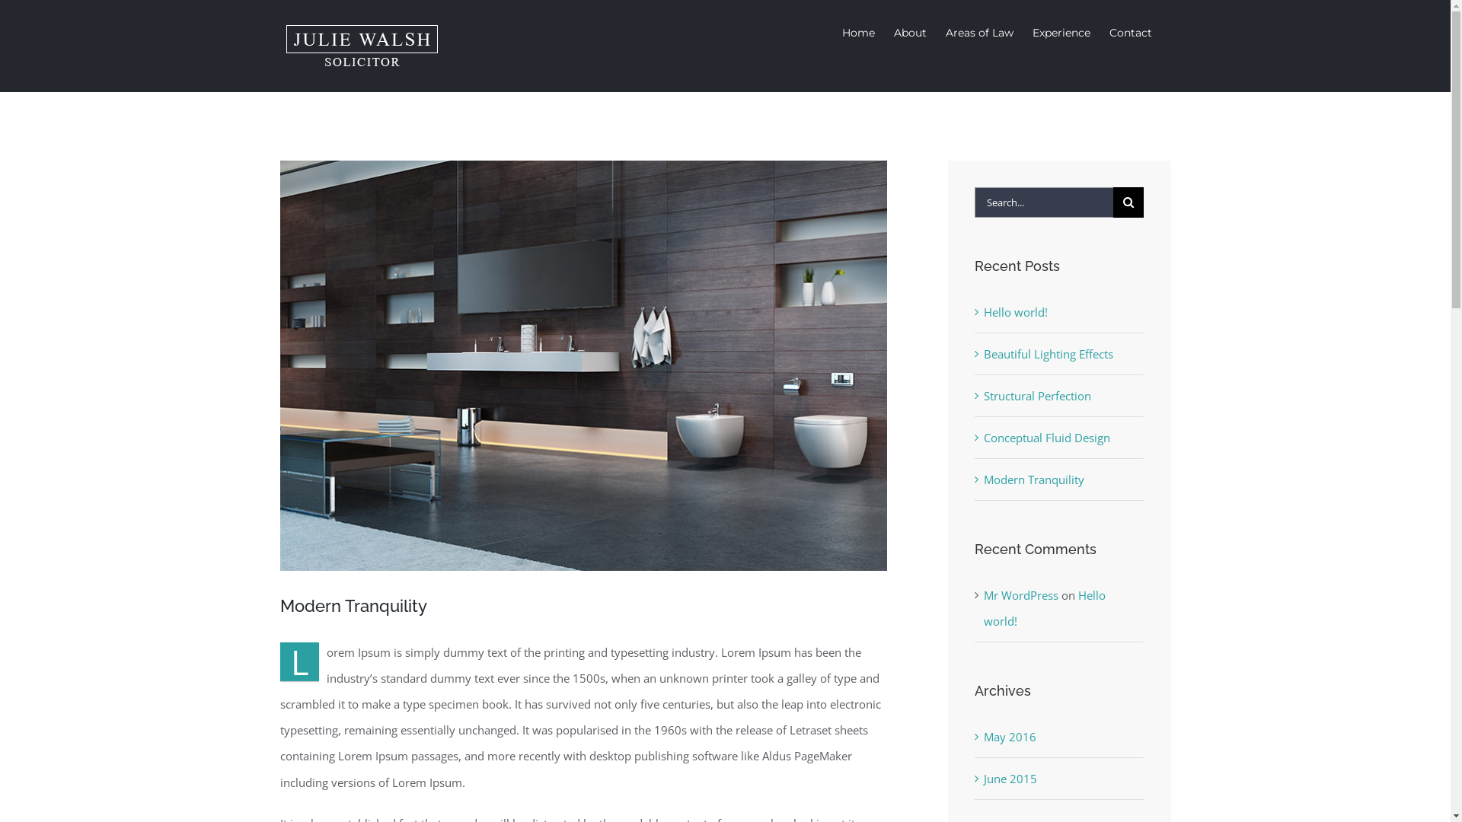 Image resolution: width=1462 pixels, height=822 pixels. Describe the element at coordinates (1020, 594) in the screenshot. I see `'Mr WordPress'` at that location.